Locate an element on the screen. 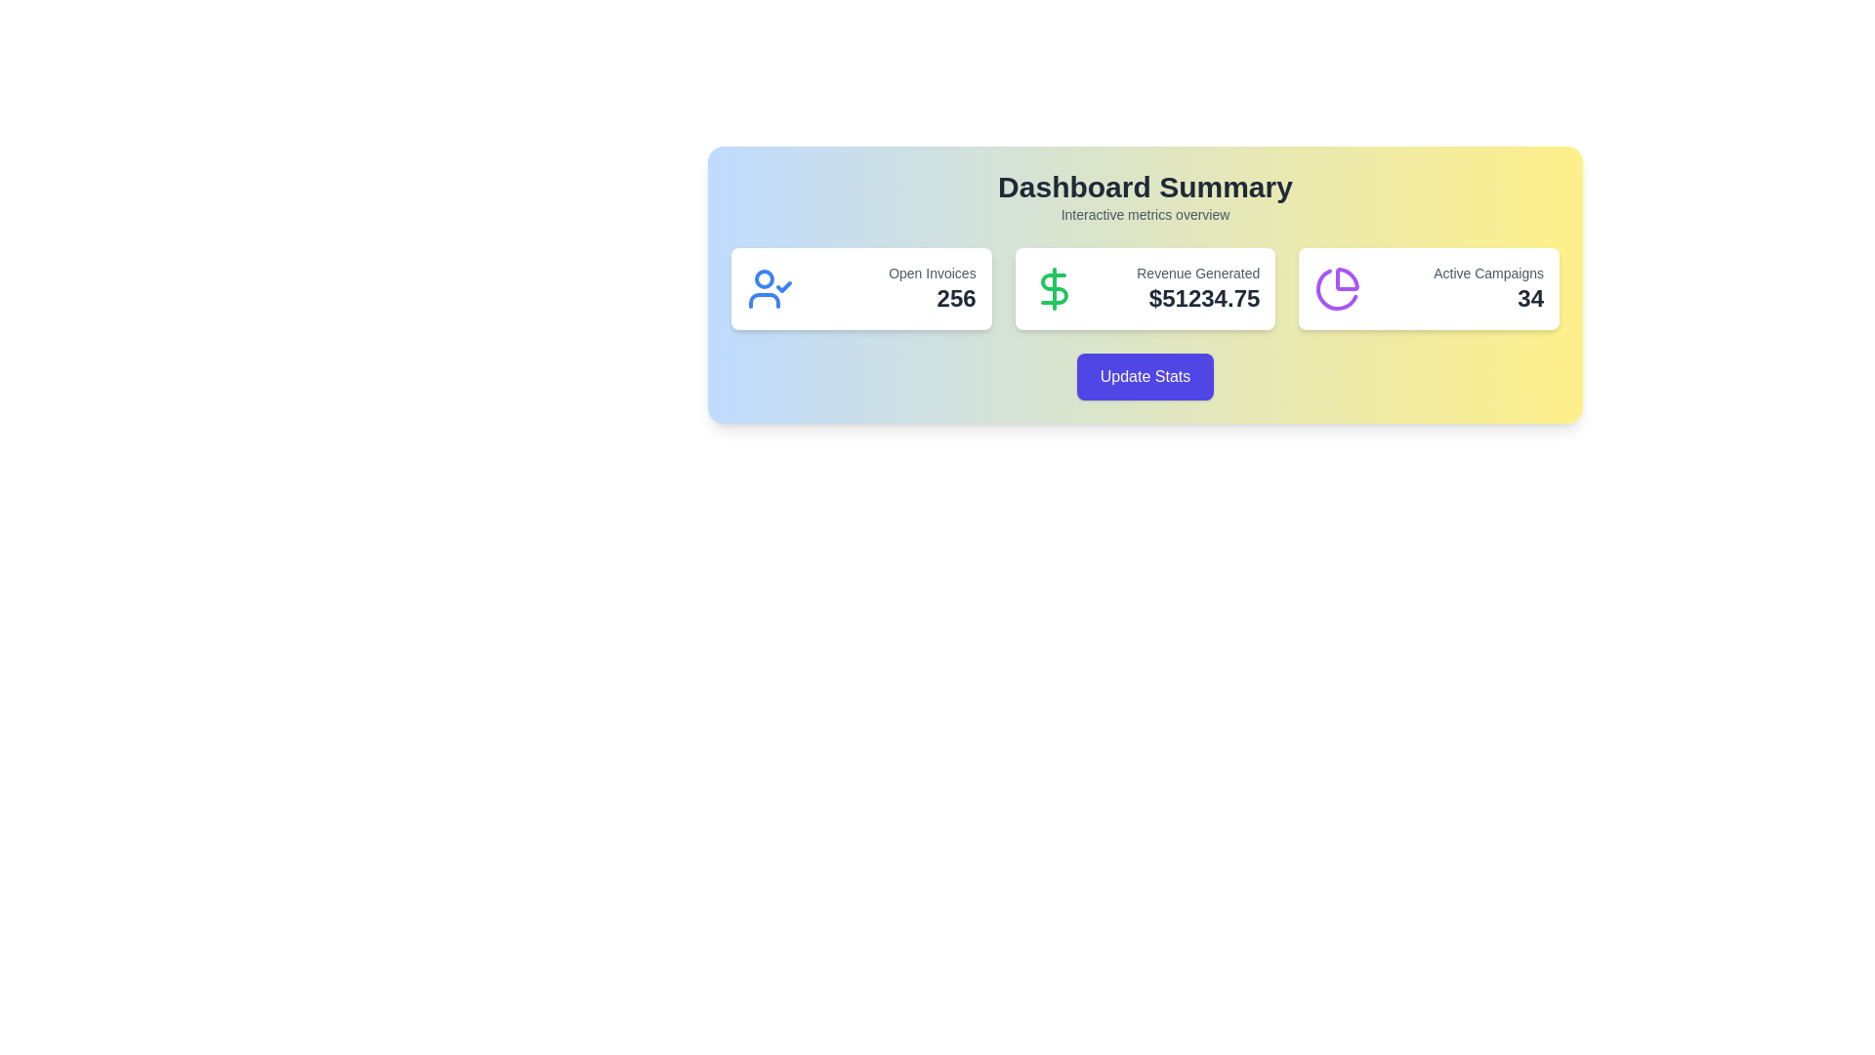  the Text Block that serves as the title and subtitle for the dashboard card, located at the top inside the card, horizontally centered and positioned above other elements like 'Open Invoices', 'Revenue Generated', and 'Active Campaigns' is located at coordinates (1145, 196).